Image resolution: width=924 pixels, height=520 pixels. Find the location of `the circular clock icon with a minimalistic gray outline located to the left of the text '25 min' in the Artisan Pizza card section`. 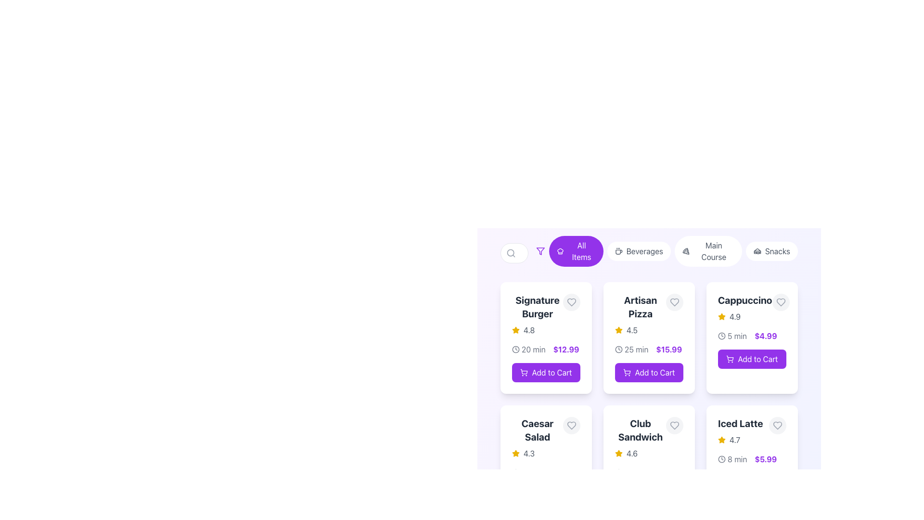

the circular clock icon with a minimalistic gray outline located to the left of the text '25 min' in the Artisan Pizza card section is located at coordinates (619, 349).